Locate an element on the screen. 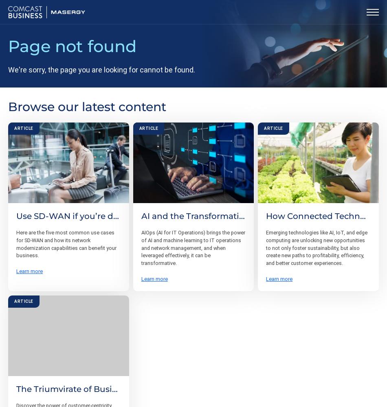  'Business Email Address' is located at coordinates (60, 326).